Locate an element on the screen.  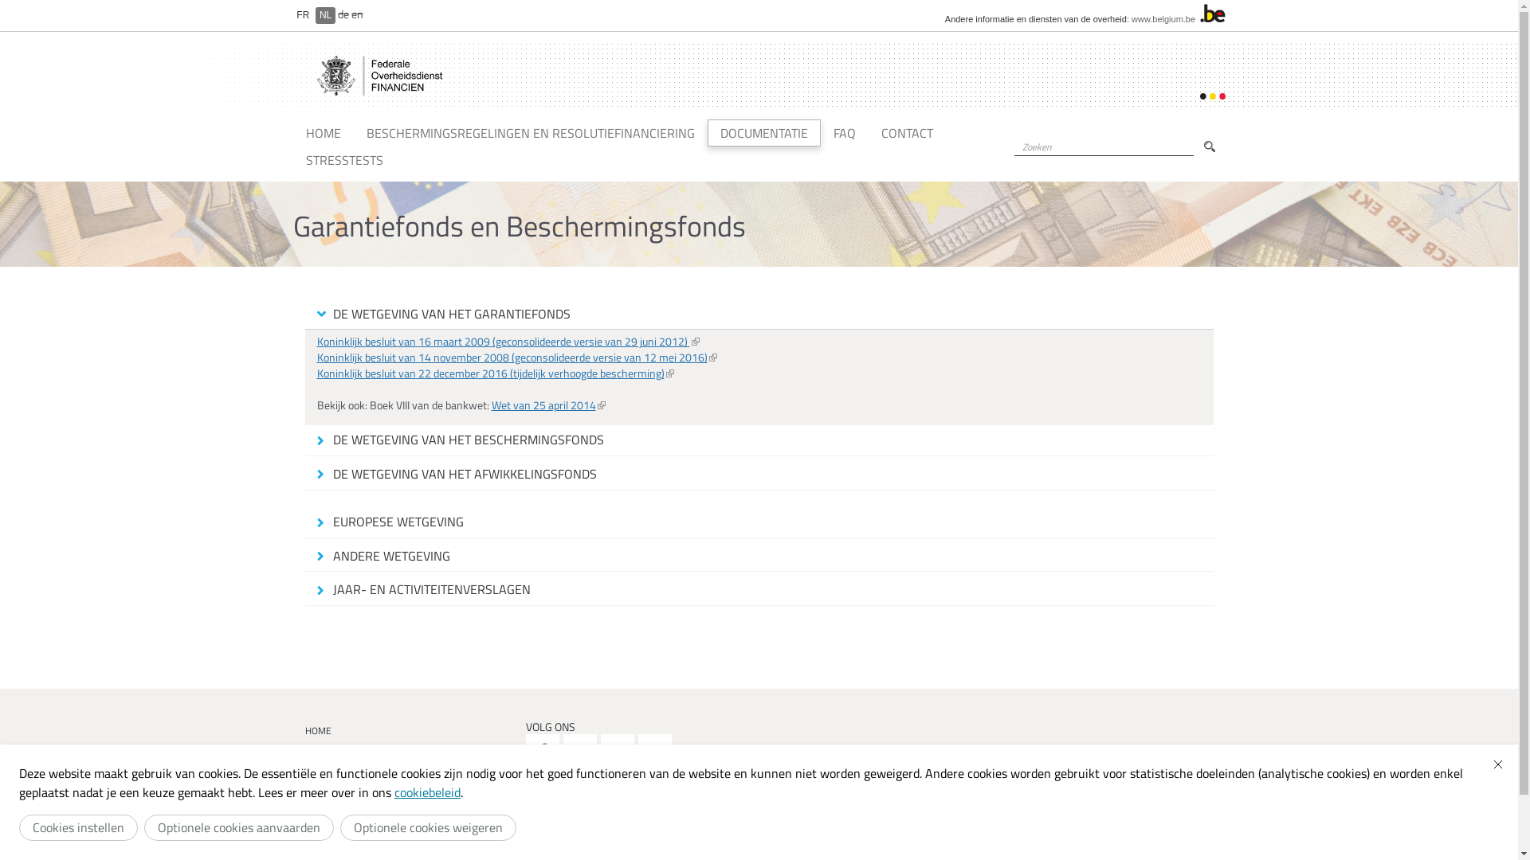
'FAQ' is located at coordinates (844, 131).